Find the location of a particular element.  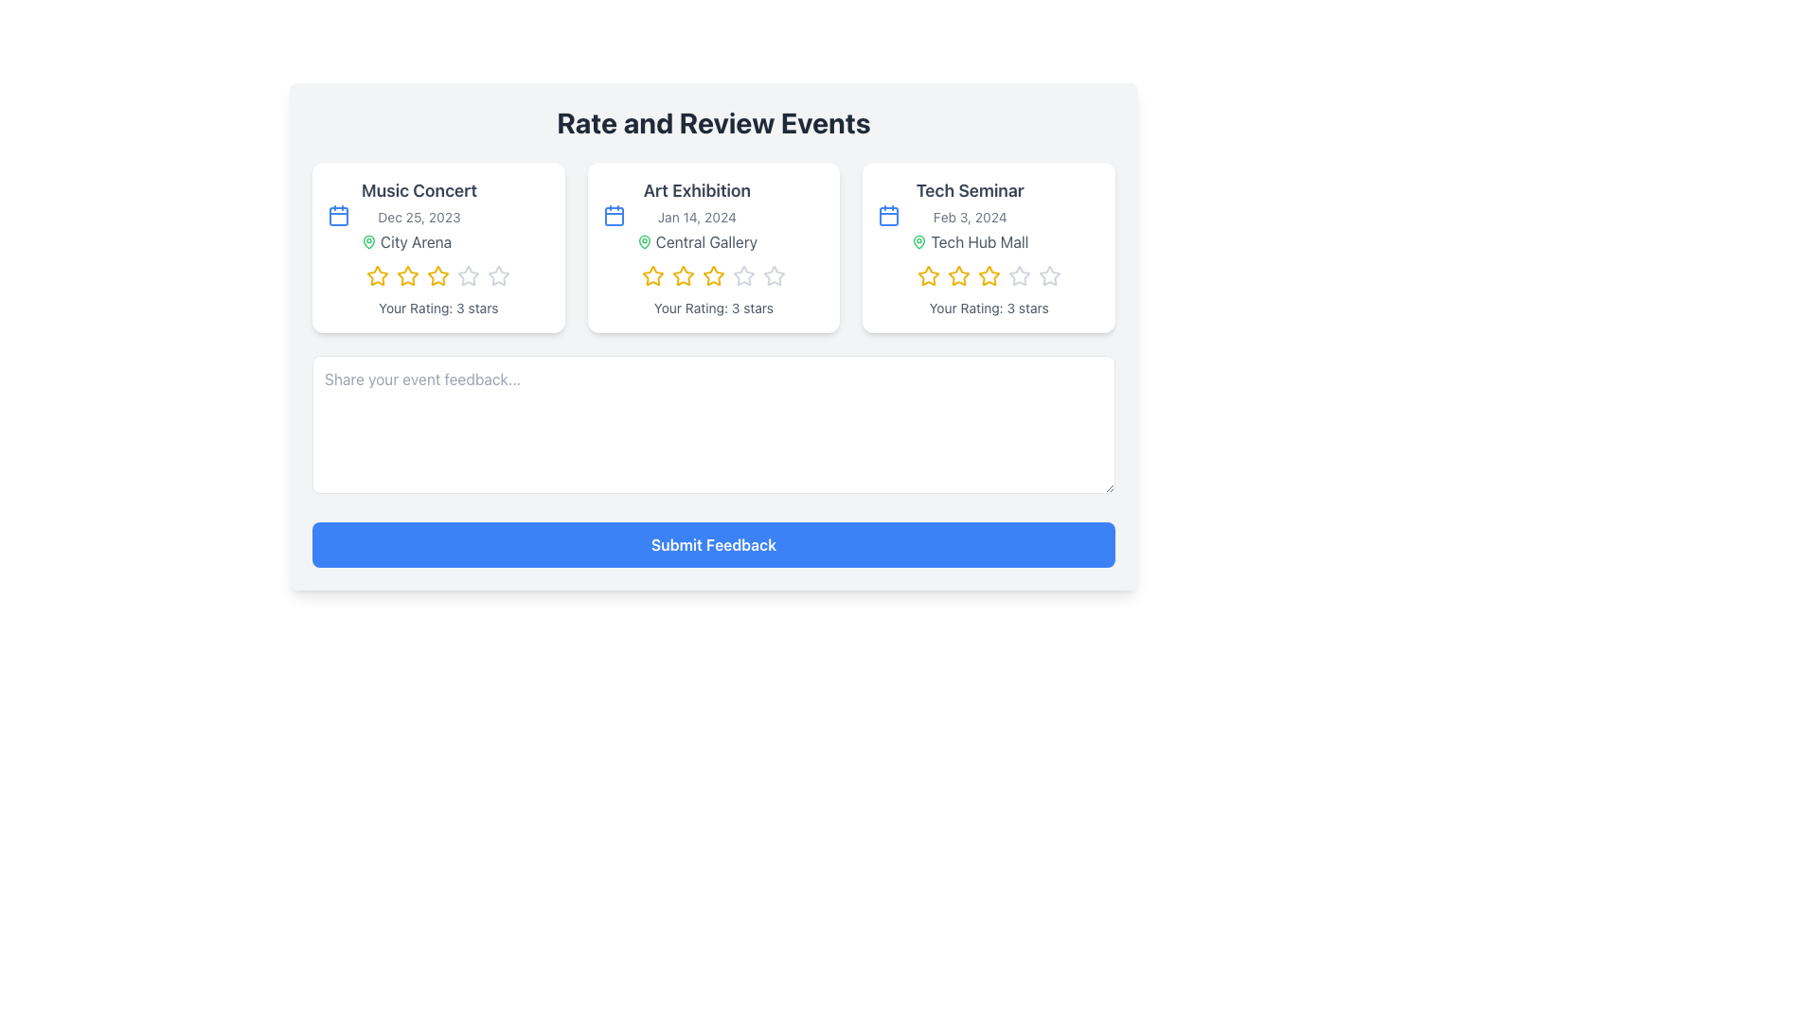

the first star icon in the rating system under the 'Music Concert' card to set or change the rating is located at coordinates (378, 275).